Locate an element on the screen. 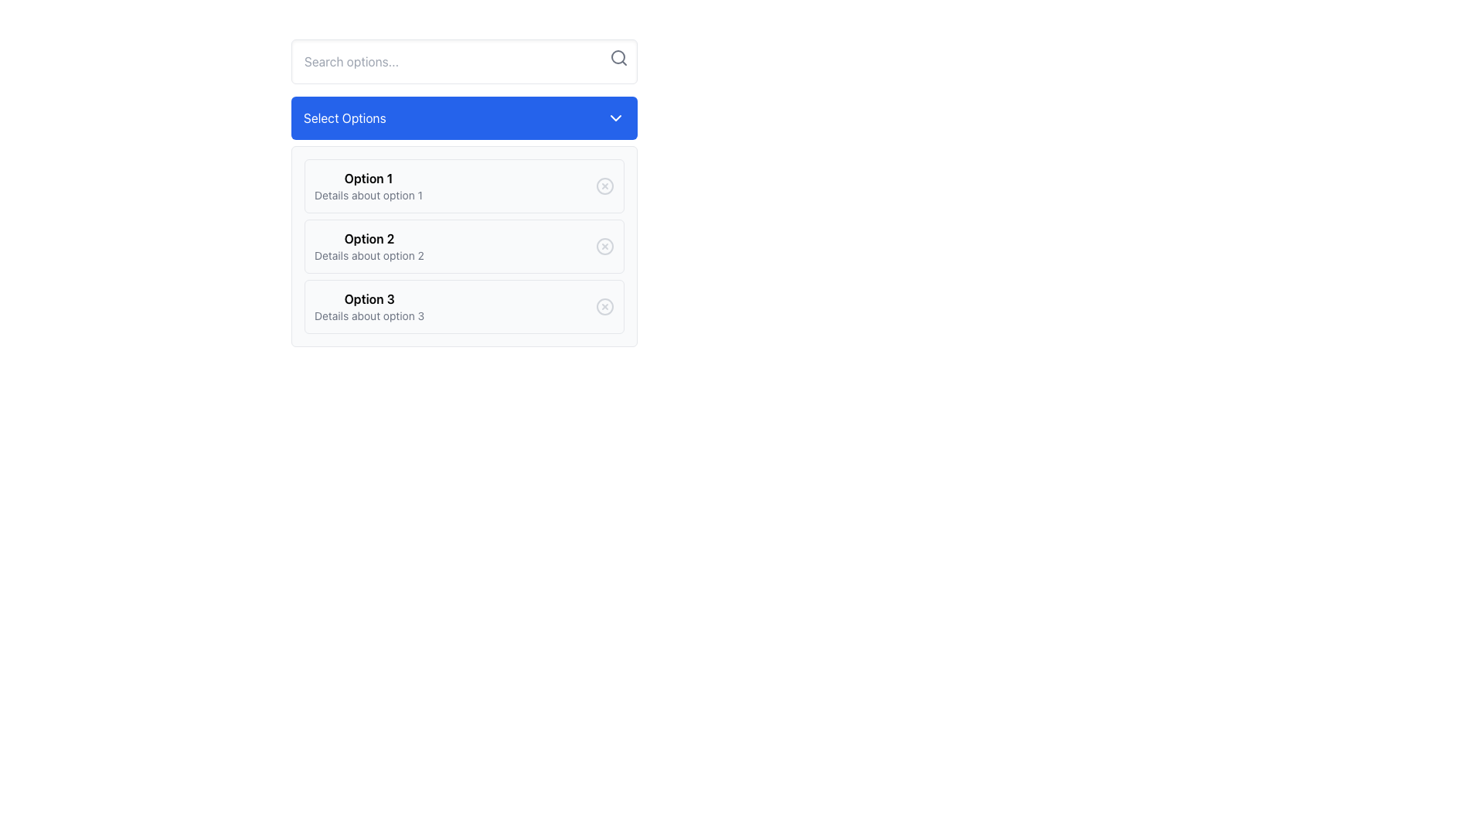 The height and width of the screenshot is (835, 1484). the third selectable list item with a dismiss option, located below 'Option 2' is located at coordinates (463, 307).